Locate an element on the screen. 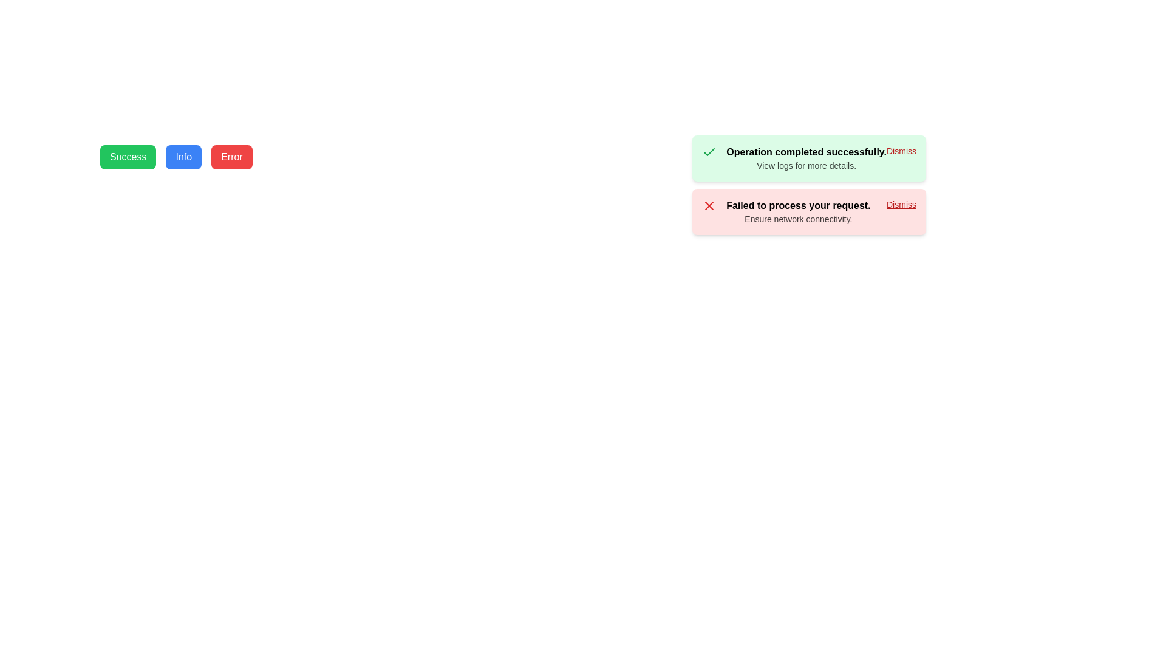 This screenshot has width=1166, height=656. the green checkmark icon indicating confirmation, located at the top-left corner of the success message box is located at coordinates (709, 151).